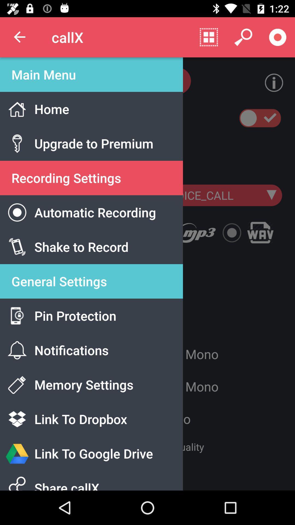 The width and height of the screenshot is (295, 525). What do you see at coordinates (101, 322) in the screenshot?
I see `the button pin protection on the web page` at bounding box center [101, 322].